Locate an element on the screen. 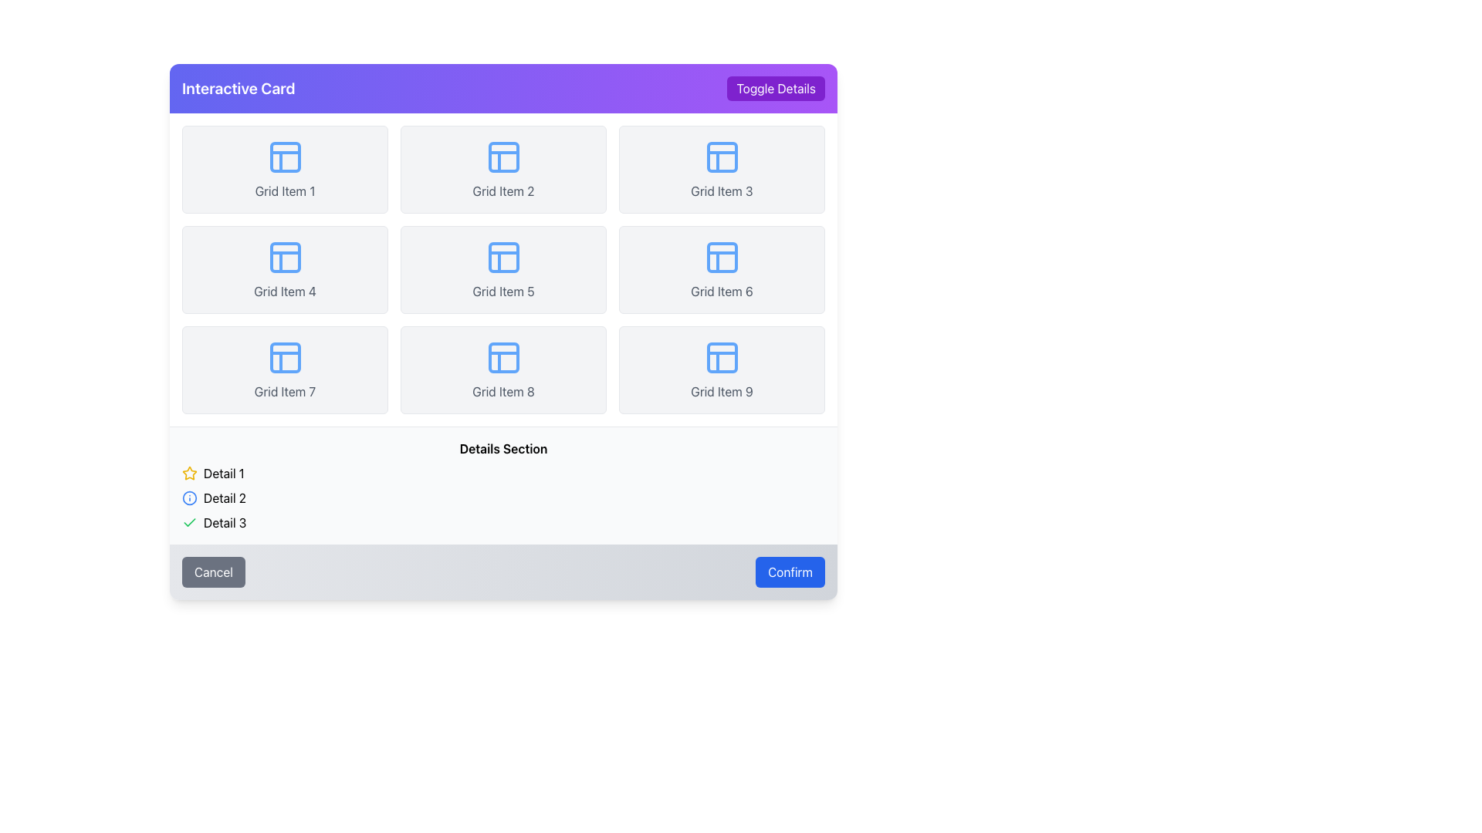 The height and width of the screenshot is (833, 1482). the small blue circular information icon located to the left of the text 'Detail 2' is located at coordinates (188, 497).